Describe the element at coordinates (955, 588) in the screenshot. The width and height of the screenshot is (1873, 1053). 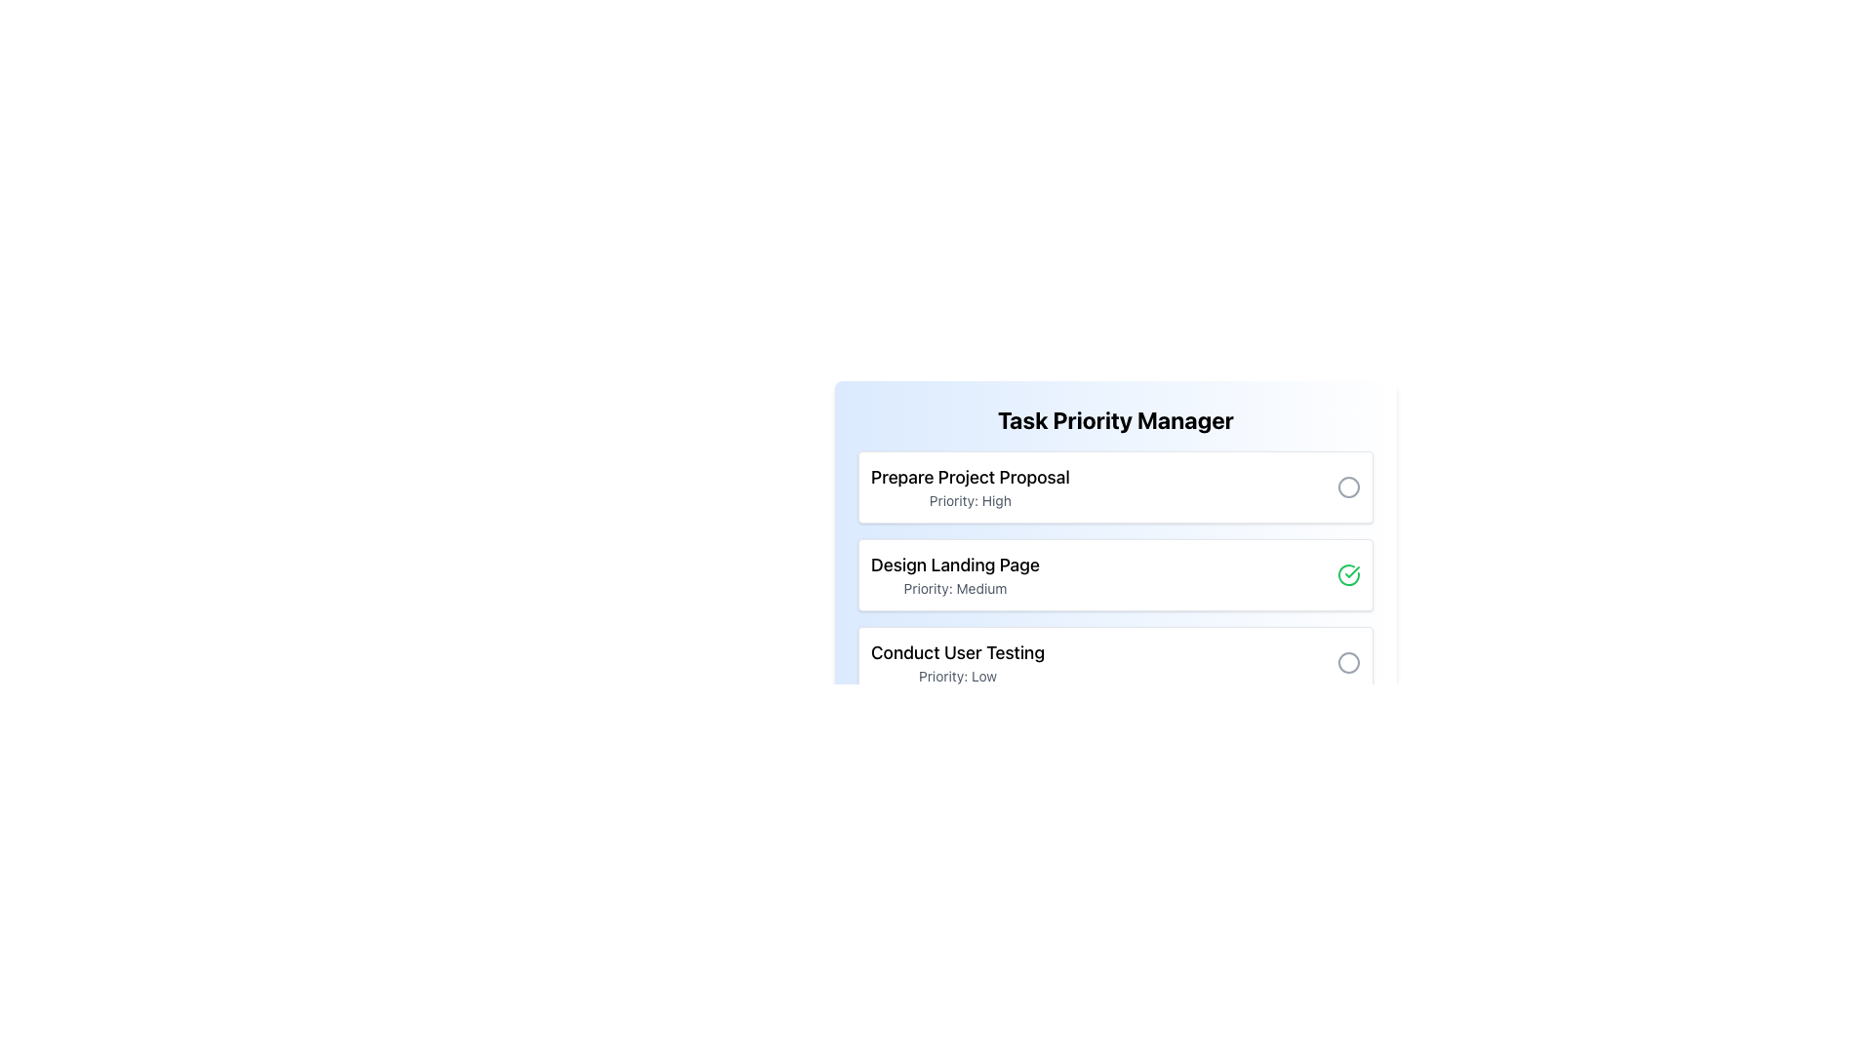
I see `the static text label that reads 'Priority: Medium', which is located directly beneath the 'Design Landing Page' task title in the task priority manager interface` at that location.